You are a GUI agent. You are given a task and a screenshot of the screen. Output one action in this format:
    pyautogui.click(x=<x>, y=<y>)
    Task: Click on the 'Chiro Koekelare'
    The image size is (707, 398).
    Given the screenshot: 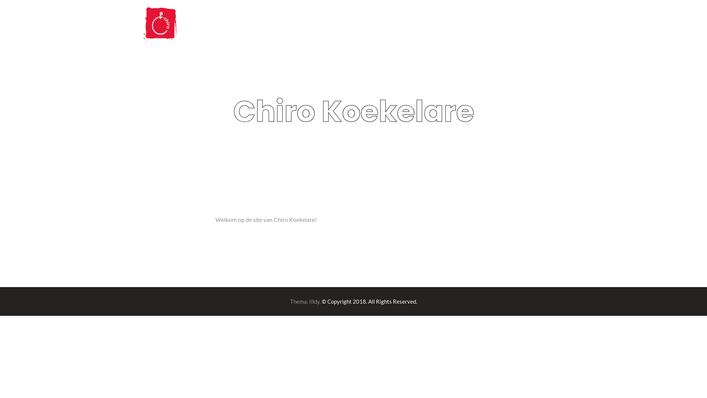 What is the action you would take?
    pyautogui.click(x=160, y=22)
    